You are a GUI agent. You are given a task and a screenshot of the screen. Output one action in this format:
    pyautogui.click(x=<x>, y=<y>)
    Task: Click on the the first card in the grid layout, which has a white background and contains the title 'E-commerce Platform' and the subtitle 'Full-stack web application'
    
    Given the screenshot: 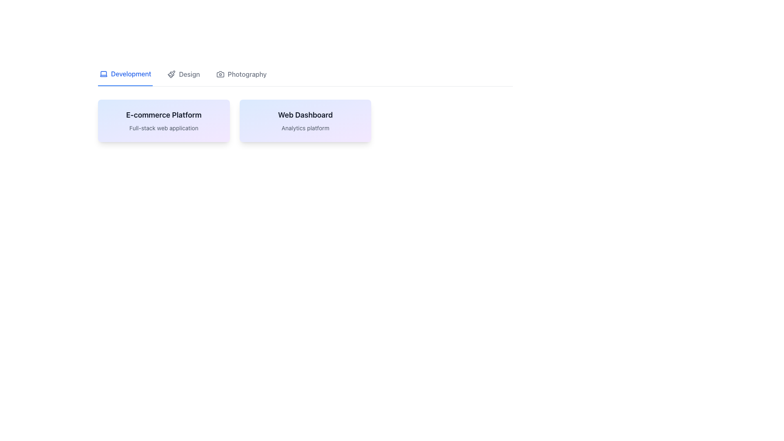 What is the action you would take?
    pyautogui.click(x=163, y=121)
    